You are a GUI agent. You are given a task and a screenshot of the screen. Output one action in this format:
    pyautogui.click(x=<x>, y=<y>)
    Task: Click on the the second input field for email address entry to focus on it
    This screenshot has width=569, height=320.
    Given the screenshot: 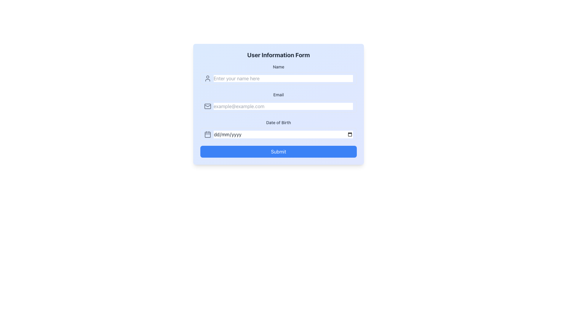 What is the action you would take?
    pyautogui.click(x=278, y=102)
    